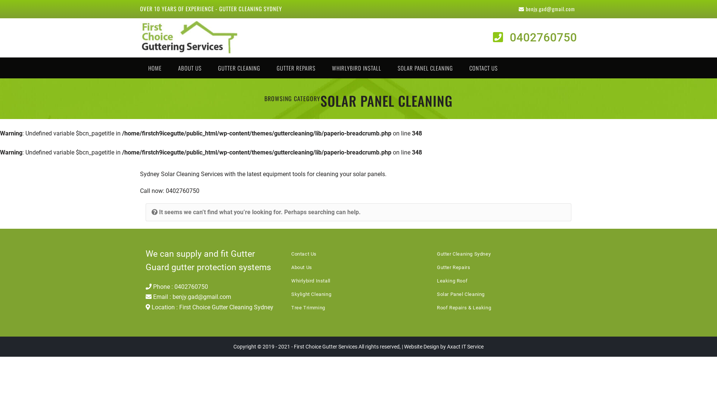  Describe the element at coordinates (154, 68) in the screenshot. I see `'HOME'` at that location.